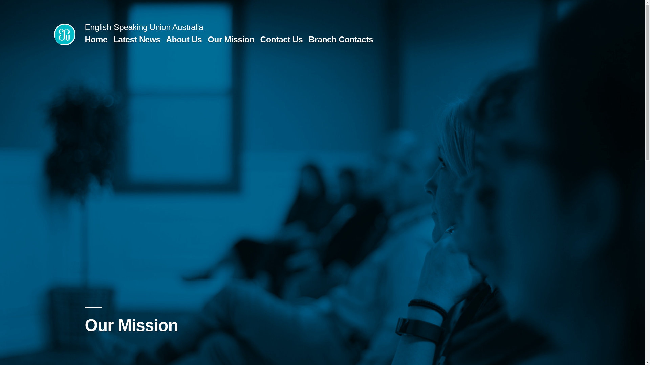 Image resolution: width=650 pixels, height=365 pixels. I want to click on 'Latest News', so click(113, 39).